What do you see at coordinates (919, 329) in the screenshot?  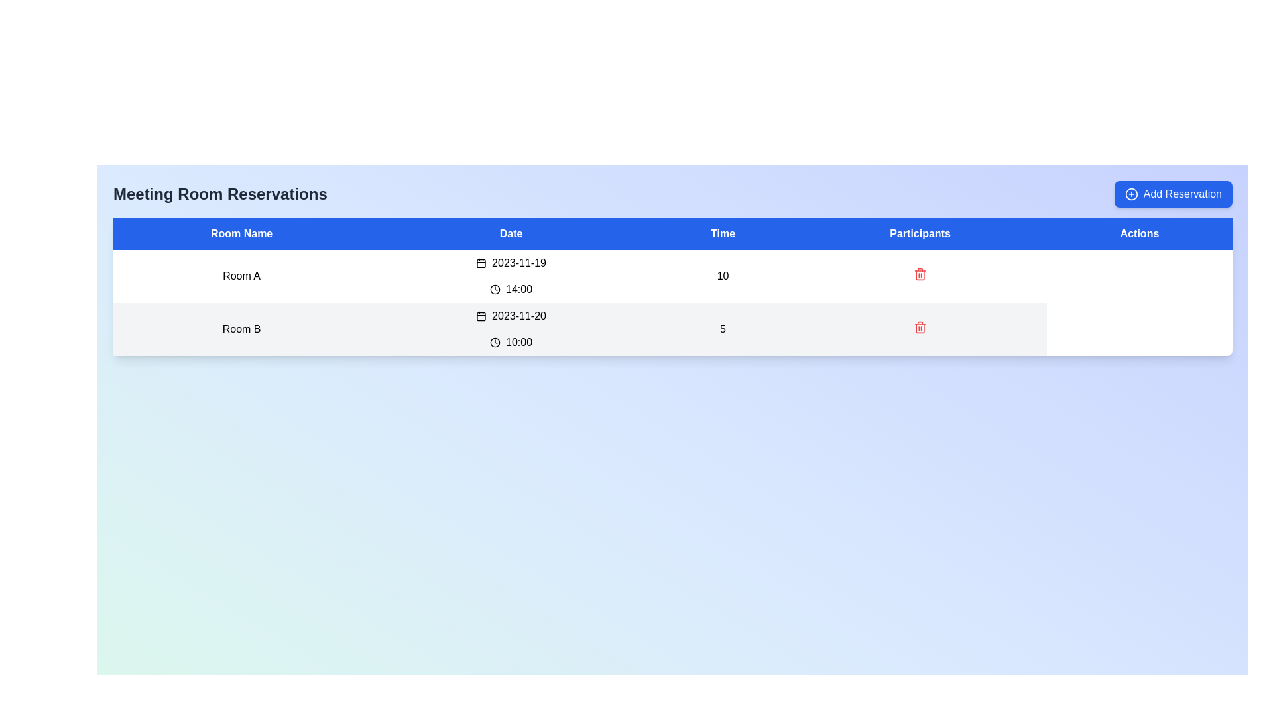 I see `the icon button located at the bottom of the 'Participants' column in the table, specifically in the row for 'Room B', '10:00', and '5 participants'` at bounding box center [919, 329].